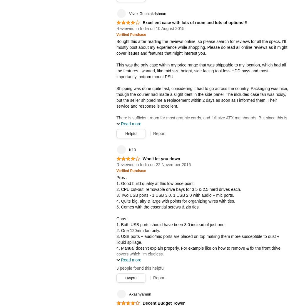  I want to click on '1. Both USB ports should have been 3.0 instead of just one.', so click(171, 224).